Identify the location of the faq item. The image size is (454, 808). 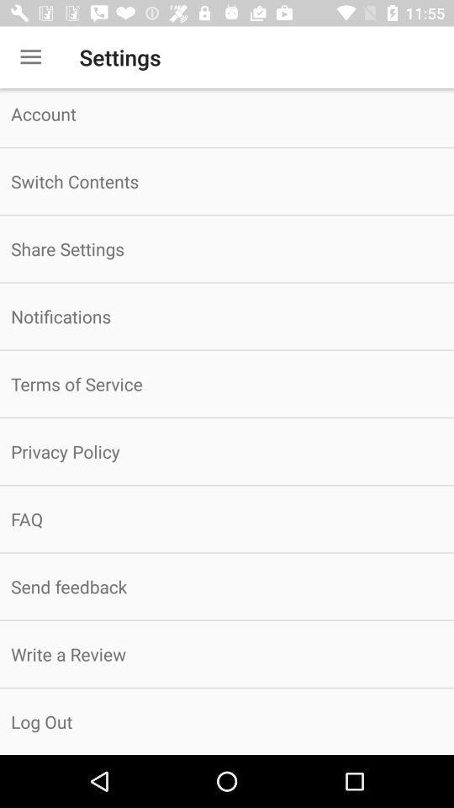
(227, 518).